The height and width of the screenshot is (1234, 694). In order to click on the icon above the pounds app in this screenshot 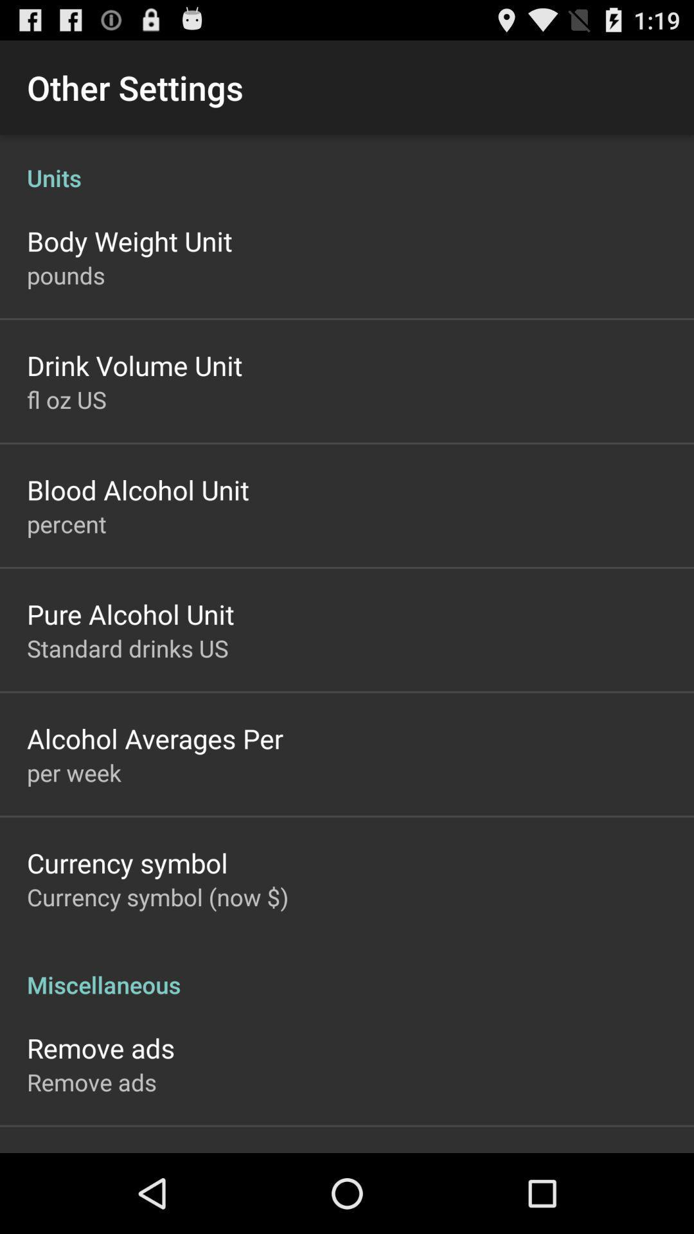, I will do `click(129, 240)`.